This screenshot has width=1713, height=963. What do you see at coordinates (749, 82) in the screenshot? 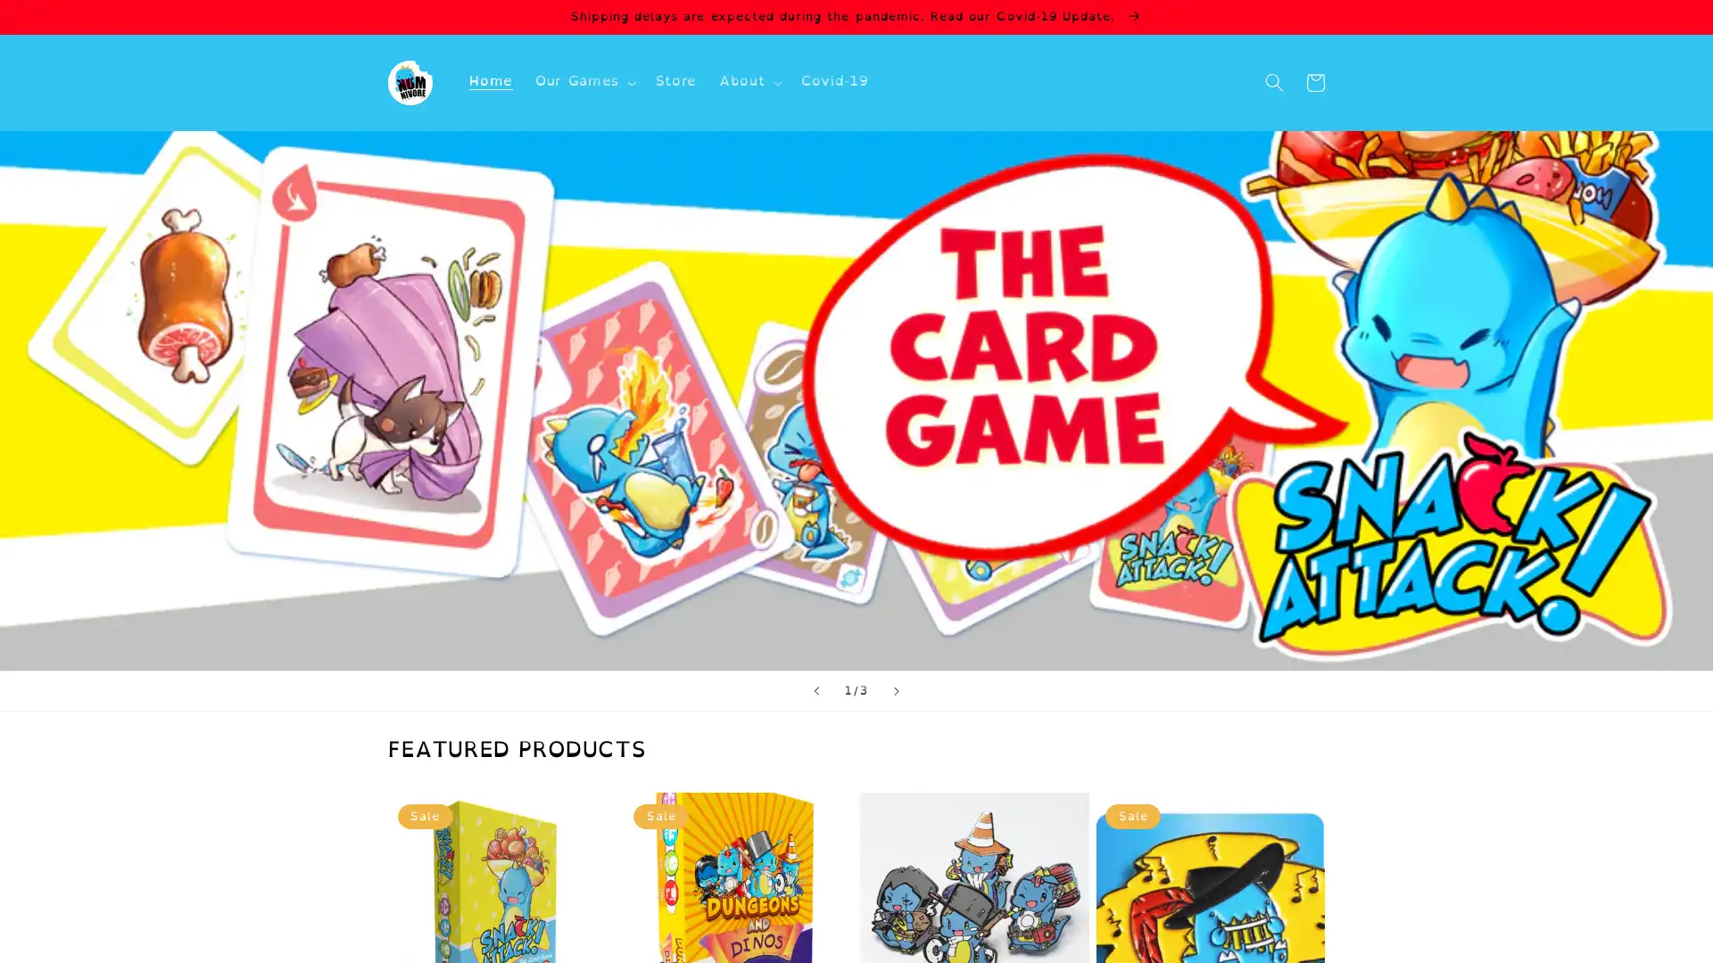
I see `About` at bounding box center [749, 82].